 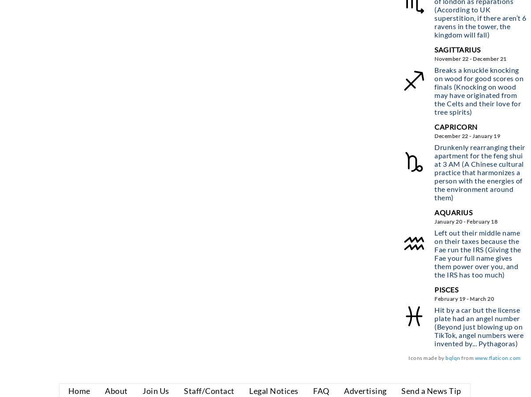 I want to click on 'Join Us', so click(x=156, y=390).